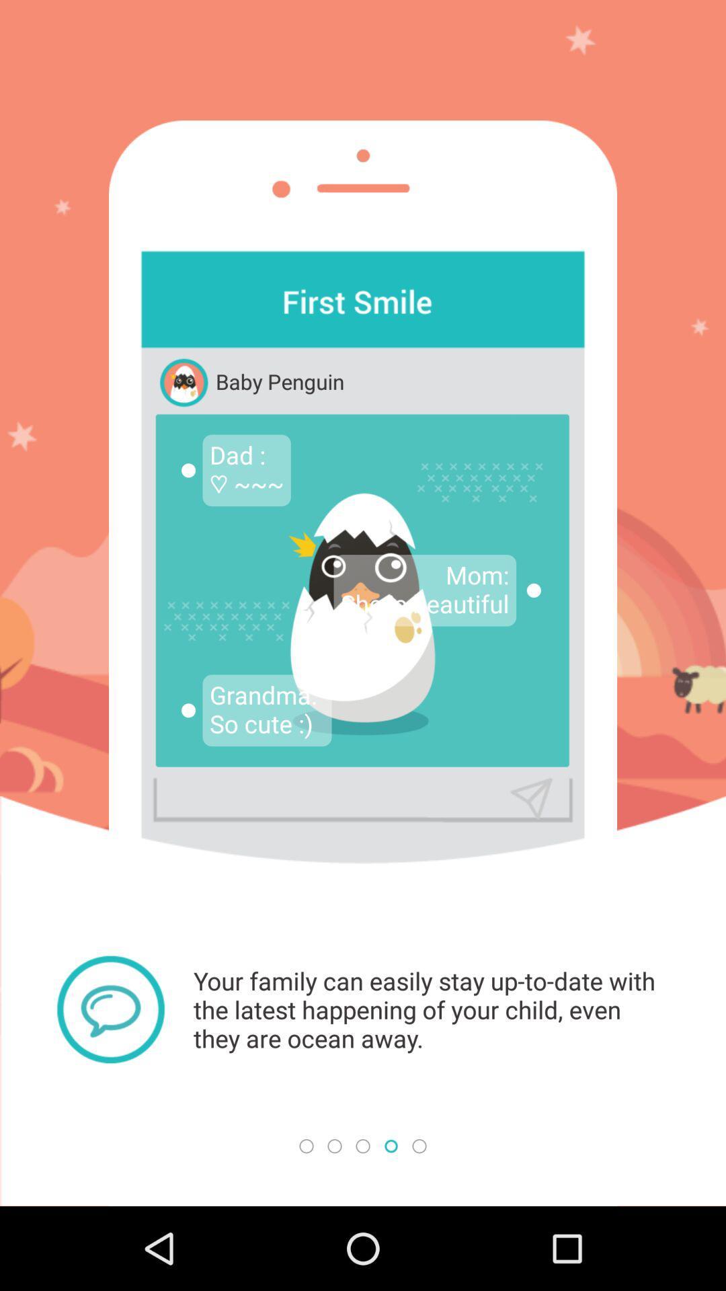 Image resolution: width=726 pixels, height=1291 pixels. What do you see at coordinates (391, 1145) in the screenshot?
I see `the fourth dot from left at bottom of the page` at bounding box center [391, 1145].